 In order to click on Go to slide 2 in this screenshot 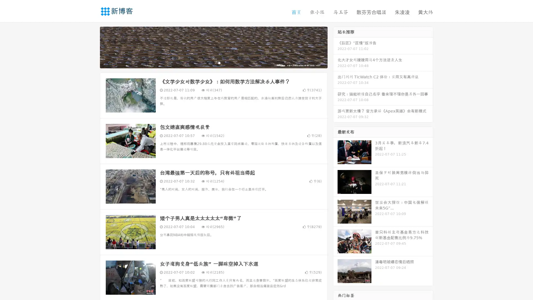, I will do `click(213, 62)`.